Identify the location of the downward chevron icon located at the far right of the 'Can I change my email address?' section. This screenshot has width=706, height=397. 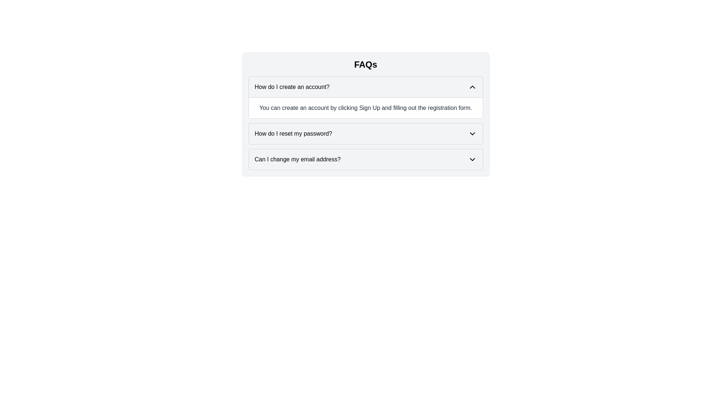
(472, 159).